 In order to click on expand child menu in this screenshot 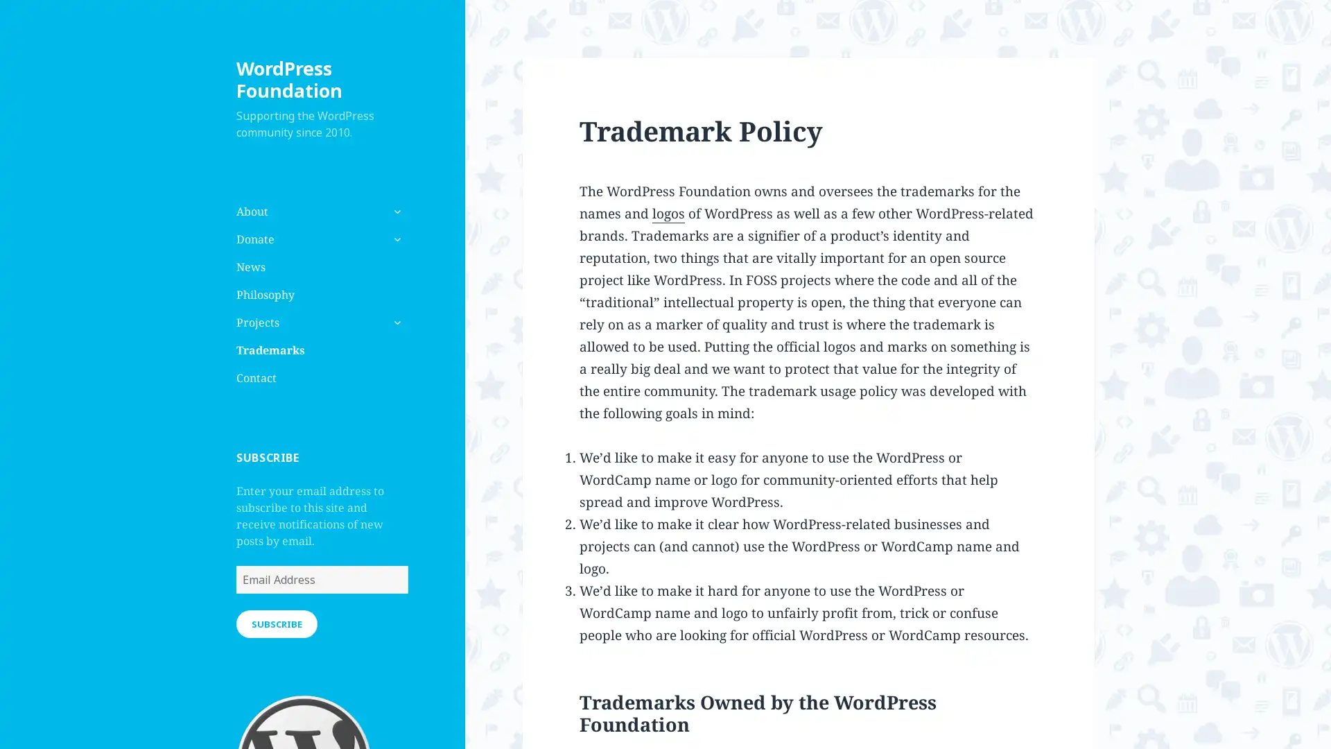, I will do `click(395, 238)`.